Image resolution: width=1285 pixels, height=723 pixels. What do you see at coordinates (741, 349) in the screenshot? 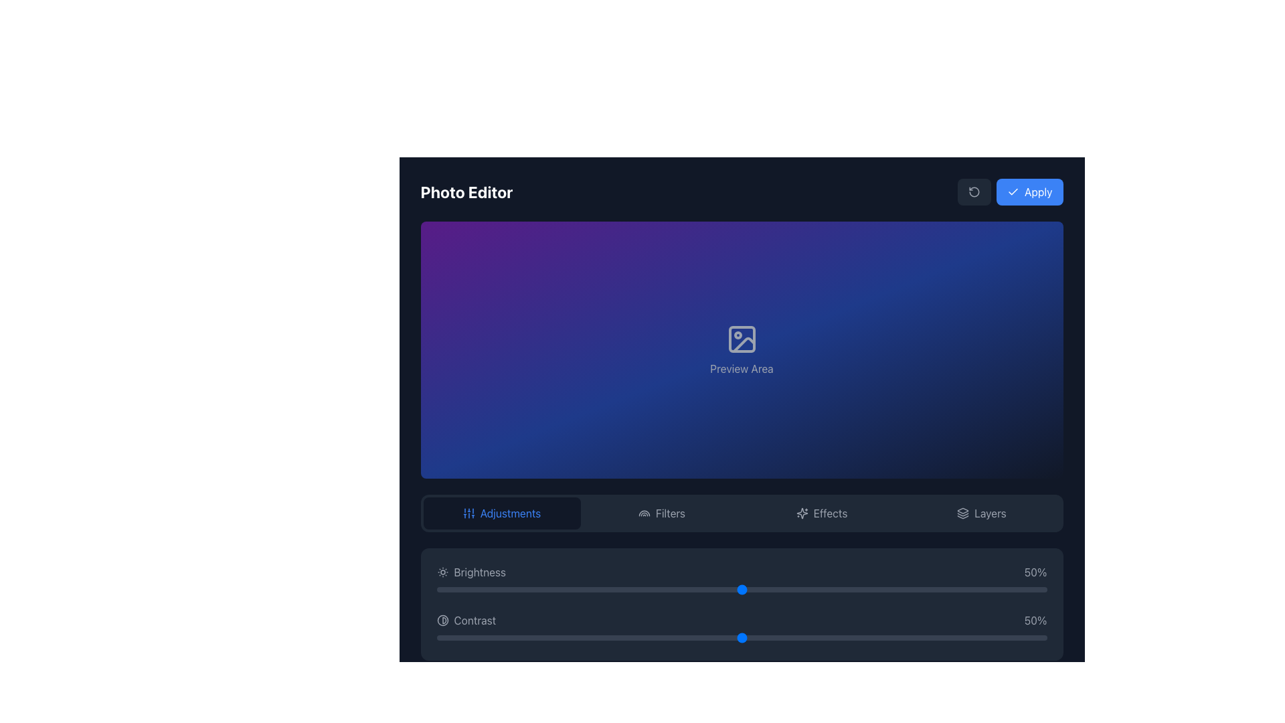
I see `the Preview Area in the Photo Editor, which displays the current image or changes applied during editing` at bounding box center [741, 349].